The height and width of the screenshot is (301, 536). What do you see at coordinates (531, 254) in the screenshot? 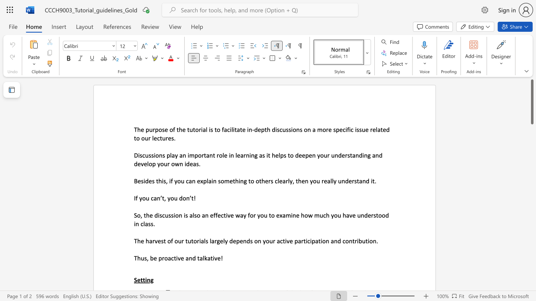
I see `the scrollbar to move the page down` at bounding box center [531, 254].